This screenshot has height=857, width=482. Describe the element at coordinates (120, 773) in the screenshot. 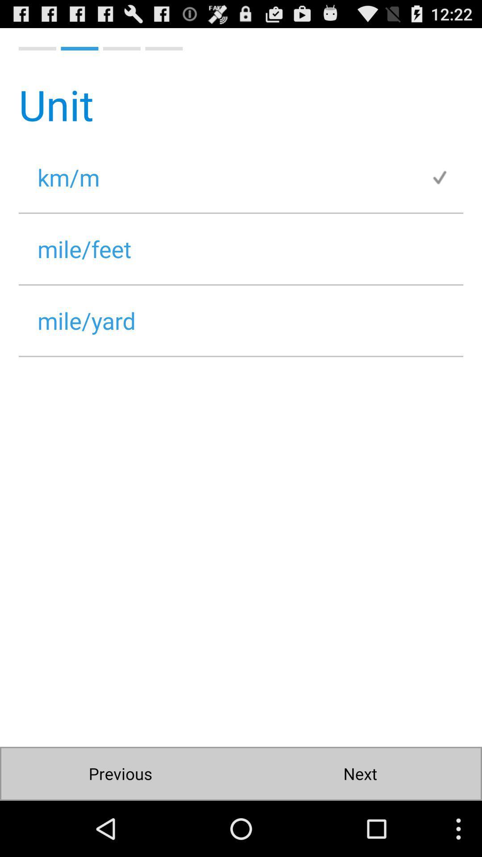

I see `the icon at the bottom left corner` at that location.